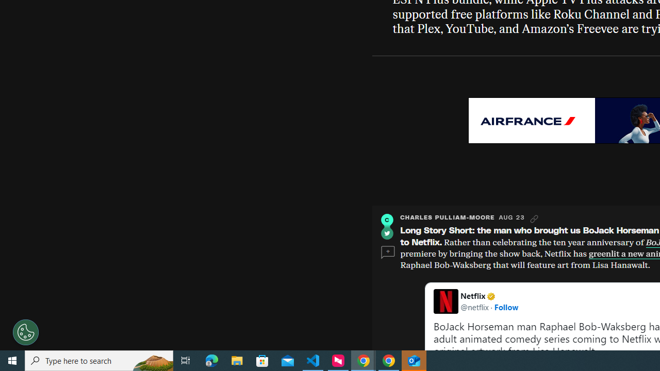 The image size is (660, 371). Describe the element at coordinates (26, 332) in the screenshot. I see `'Open Preferences'` at that location.